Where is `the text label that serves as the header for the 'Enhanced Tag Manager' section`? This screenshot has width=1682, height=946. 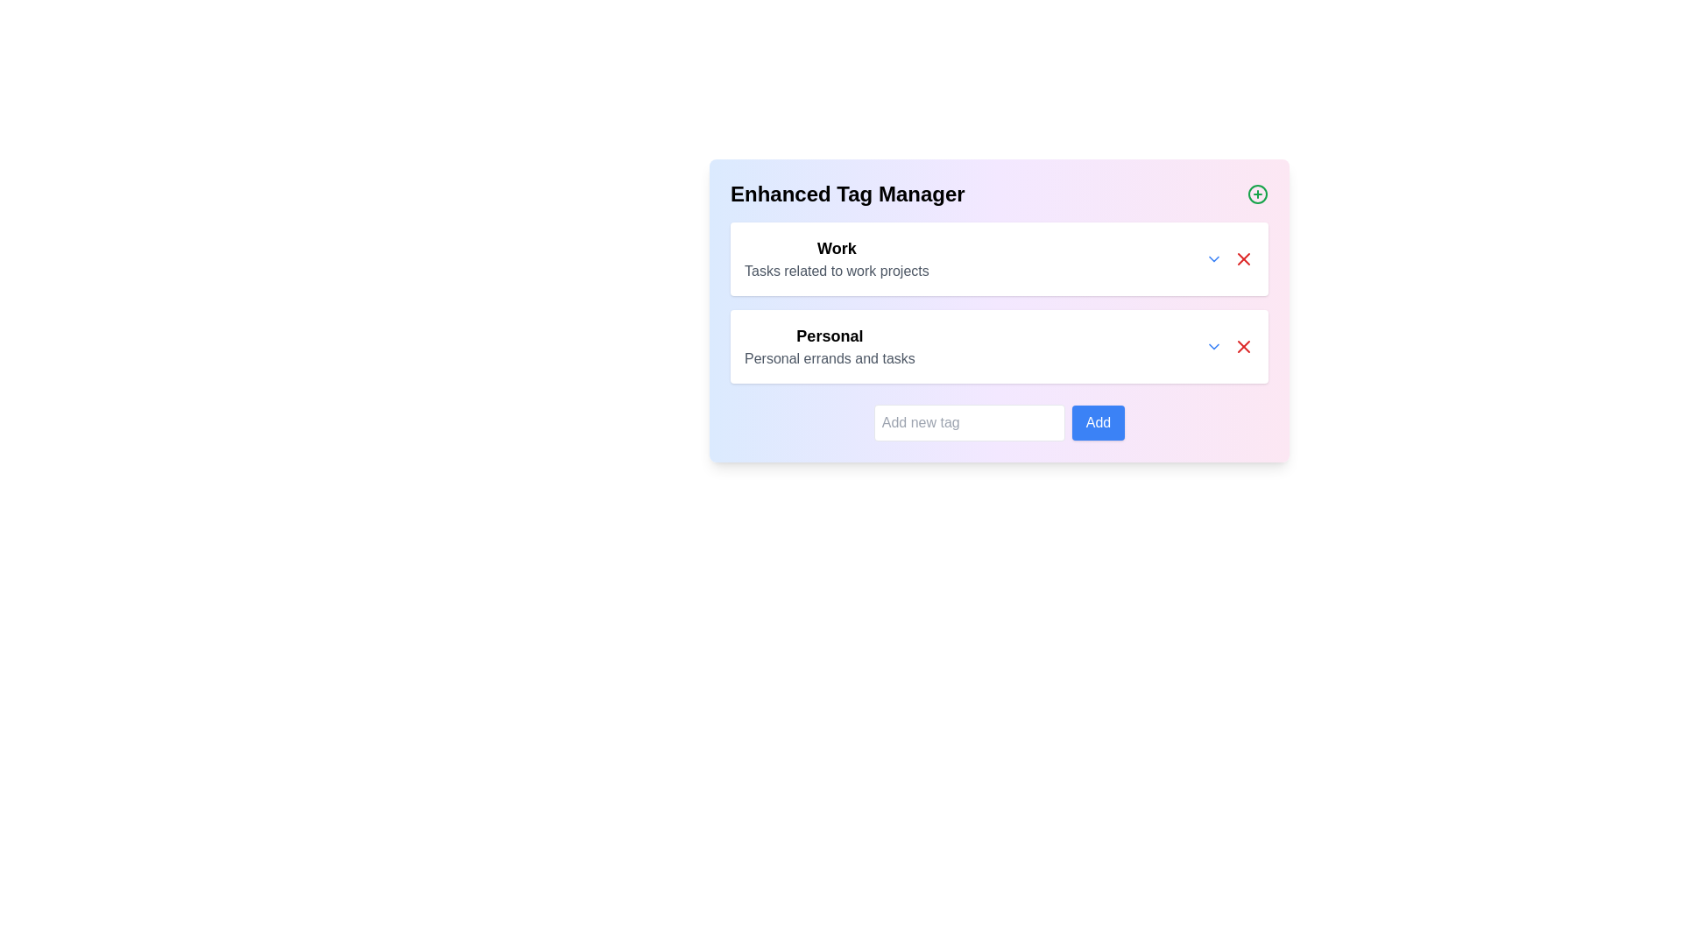 the text label that serves as the header for the 'Enhanced Tag Manager' section is located at coordinates (847, 194).